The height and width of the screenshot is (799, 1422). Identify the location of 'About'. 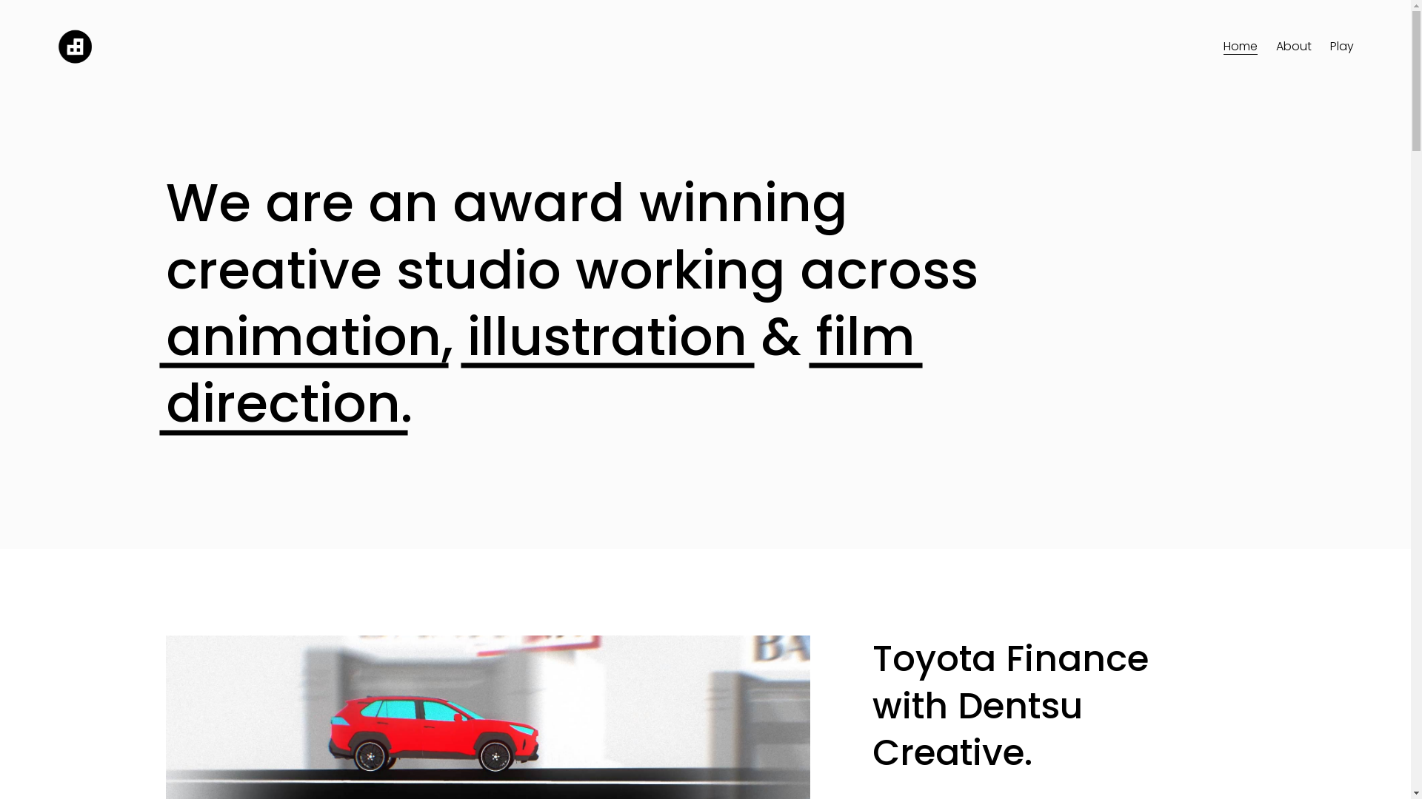
(1275, 47).